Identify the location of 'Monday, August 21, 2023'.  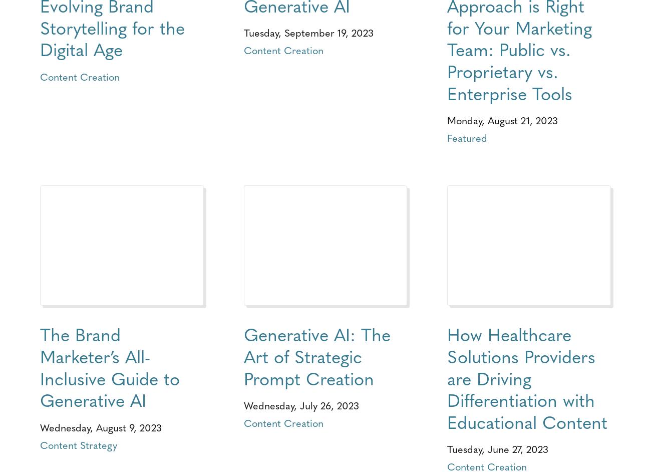
(502, 119).